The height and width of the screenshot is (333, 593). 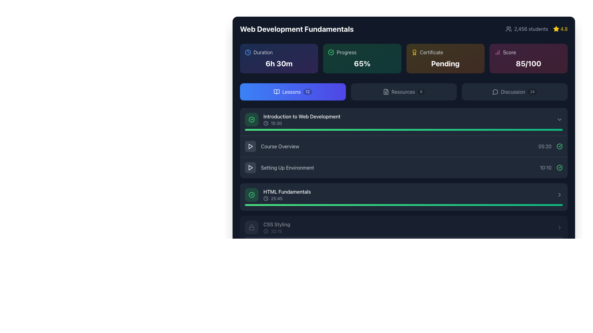 I want to click on the Menu Item that navigates to the Resources section, located between 'Lessons 12' and 'Discussion 24', so click(x=404, y=92).